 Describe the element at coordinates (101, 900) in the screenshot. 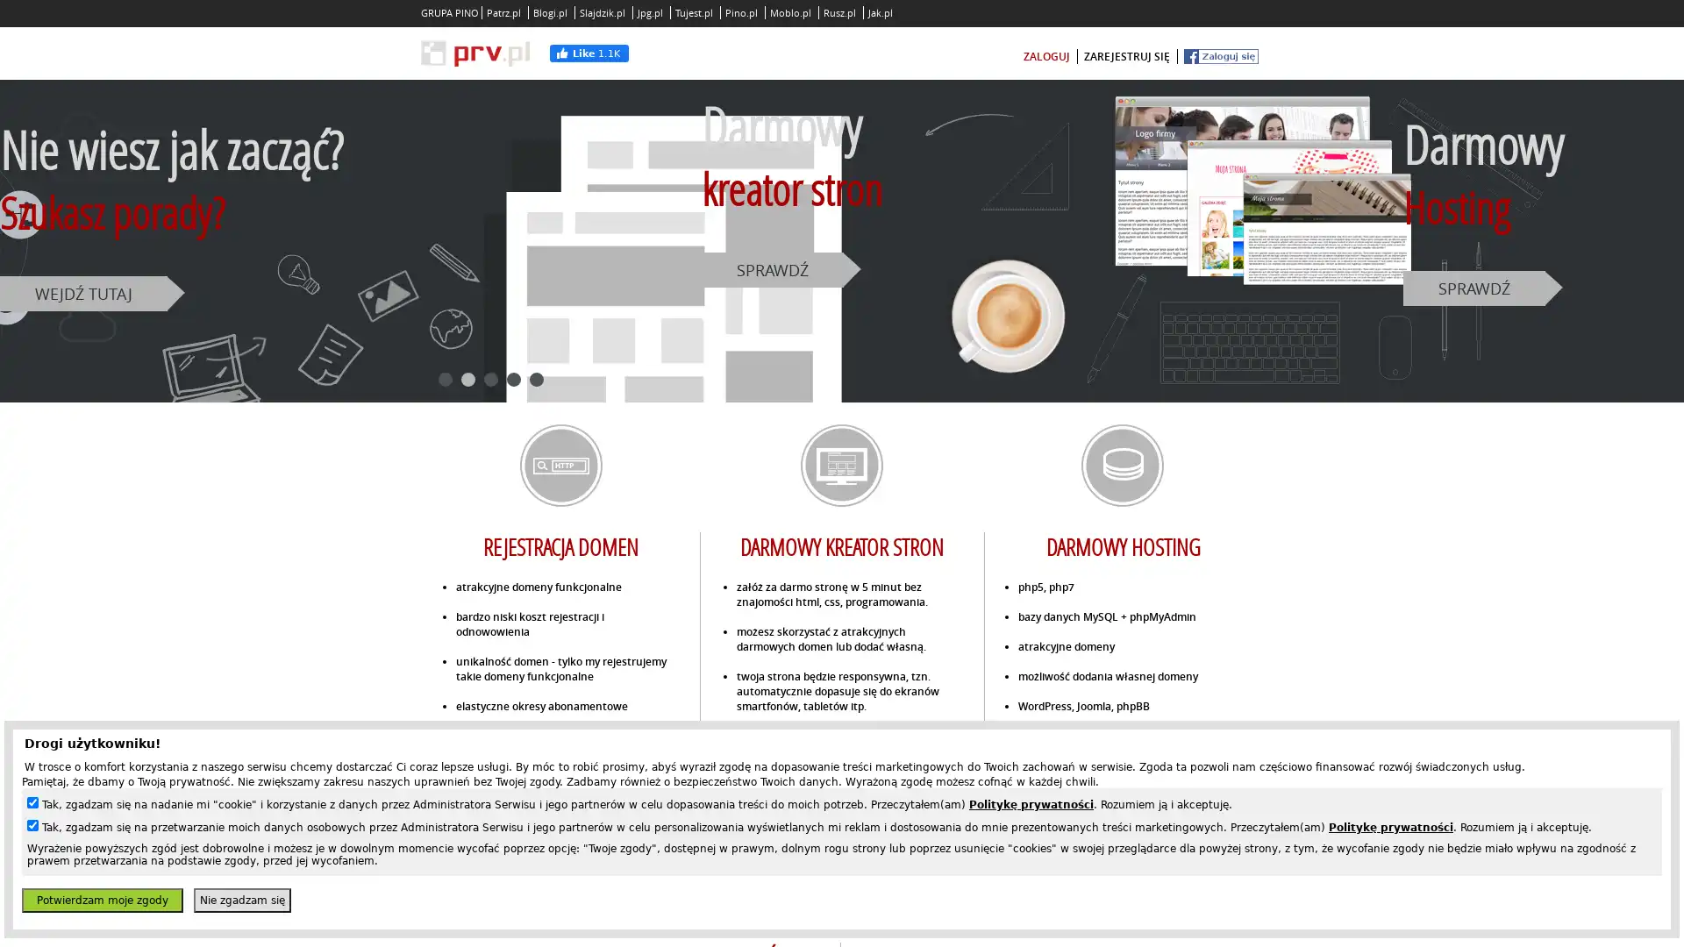

I see `Potwierdzam moje zgody` at that location.